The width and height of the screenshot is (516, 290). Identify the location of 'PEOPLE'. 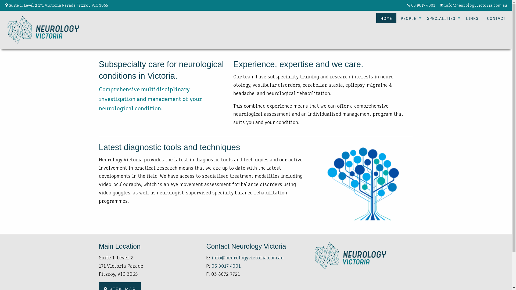
(409, 17).